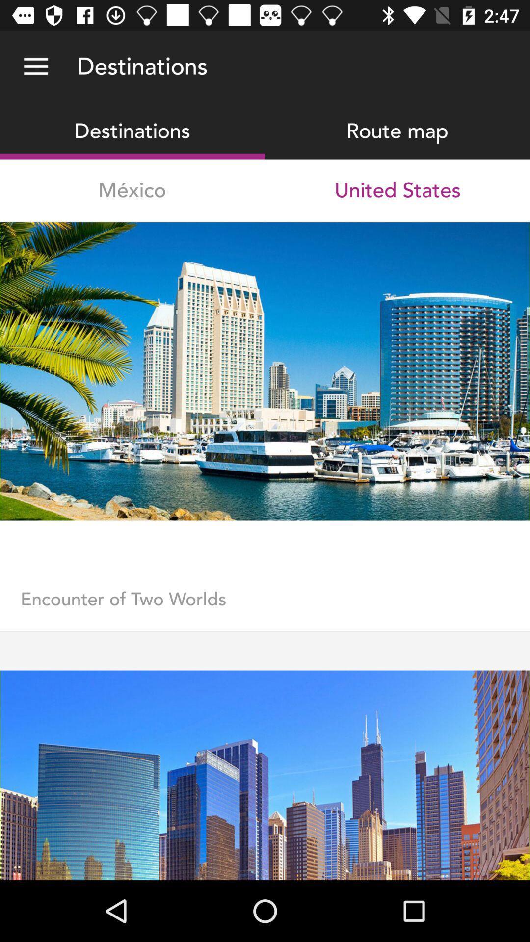 This screenshot has width=530, height=942. I want to click on the item below the route map item, so click(397, 190).